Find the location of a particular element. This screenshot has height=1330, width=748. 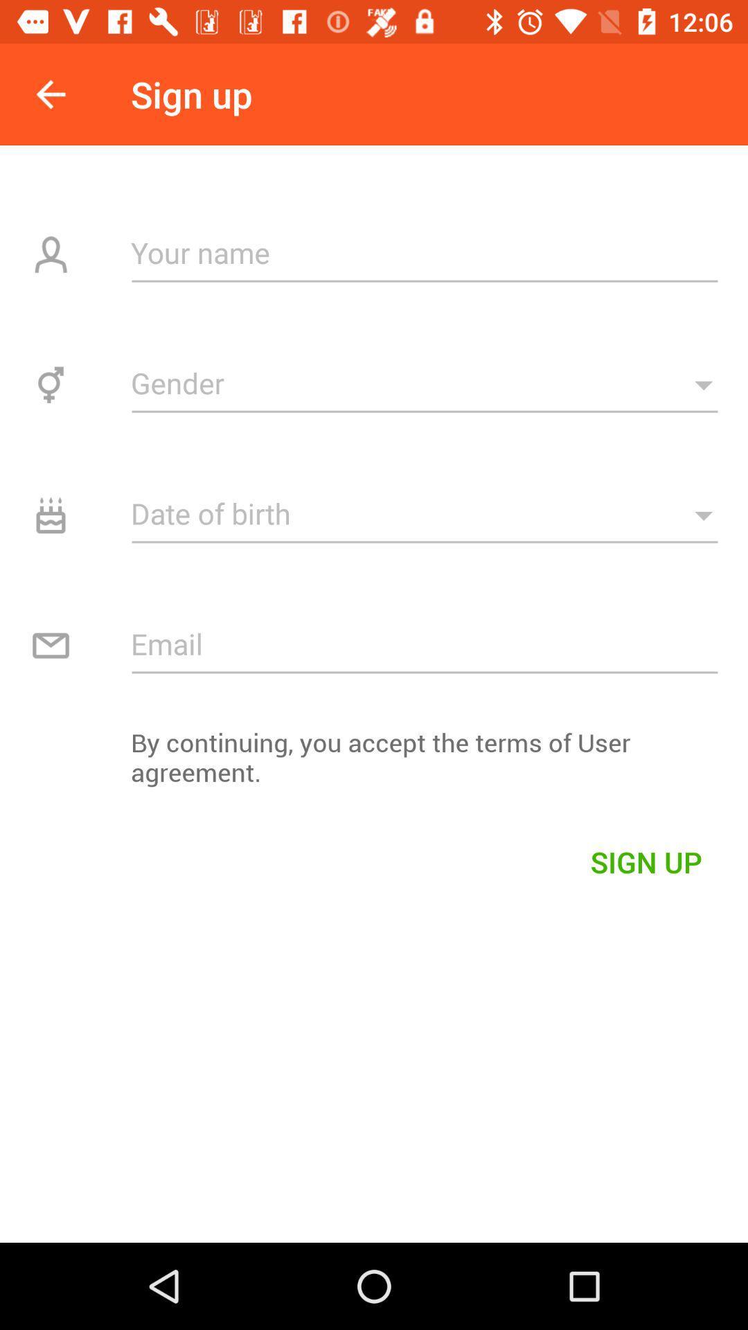

type text is located at coordinates (424, 252).